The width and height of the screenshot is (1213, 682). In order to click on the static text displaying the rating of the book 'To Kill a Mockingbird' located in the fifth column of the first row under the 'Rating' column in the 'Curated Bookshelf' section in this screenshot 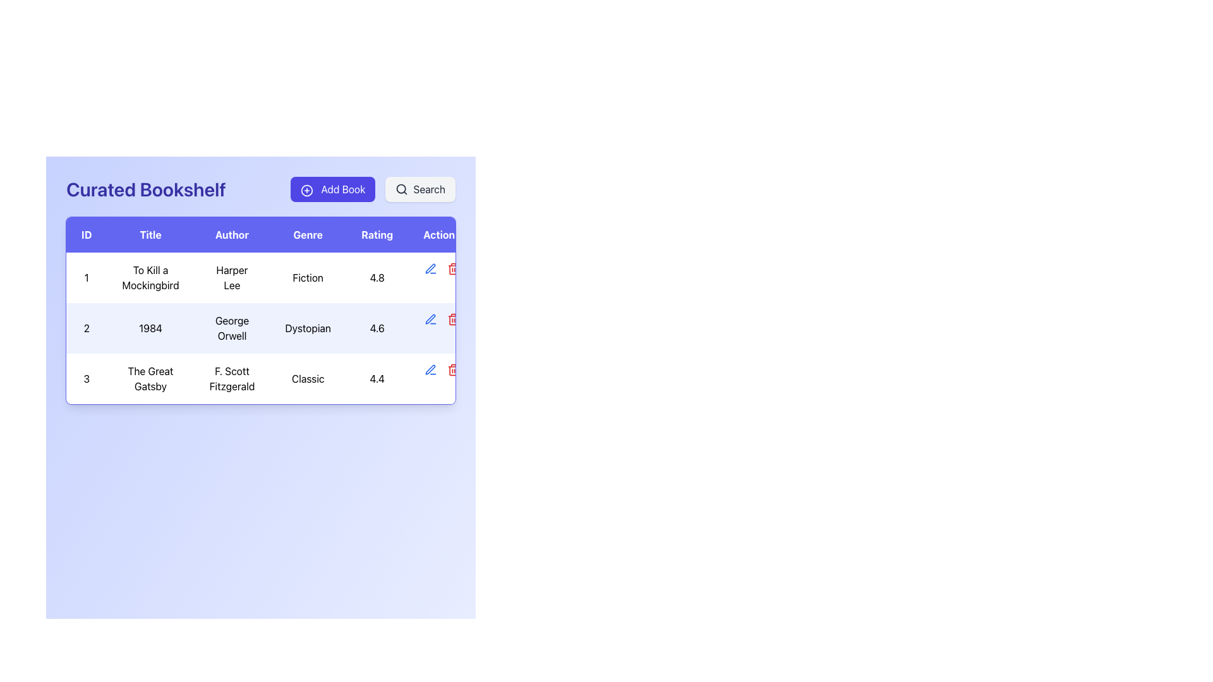, I will do `click(377, 277)`.